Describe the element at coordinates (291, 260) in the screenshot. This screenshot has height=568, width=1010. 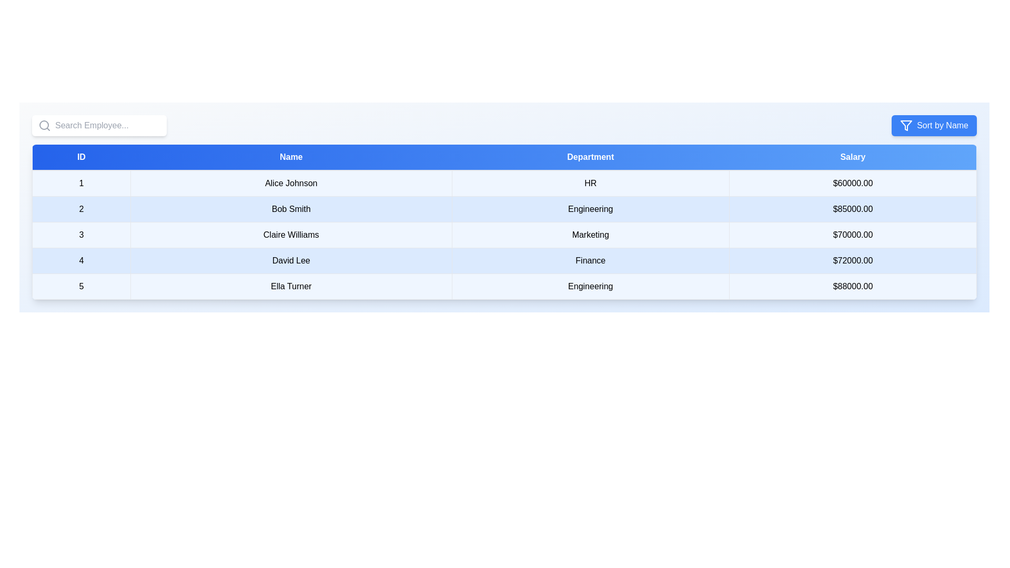
I see `the text label 'David Lee' located in the second column of the fourth row of the table` at that location.